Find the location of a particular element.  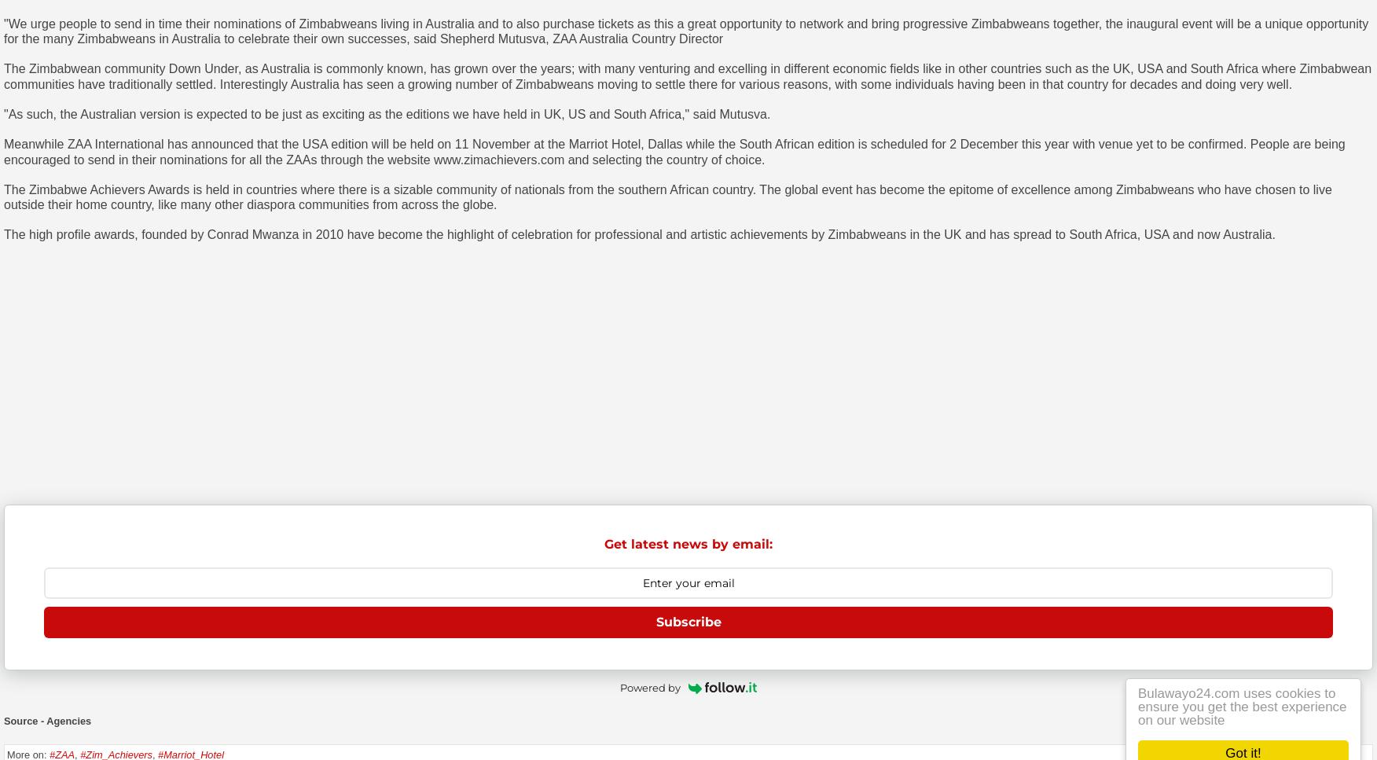

'"As such, the Australian version is expected to be just as exciting as the editions we have held in UK, US and South Africa," said Mutusva.' is located at coordinates (387, 112).